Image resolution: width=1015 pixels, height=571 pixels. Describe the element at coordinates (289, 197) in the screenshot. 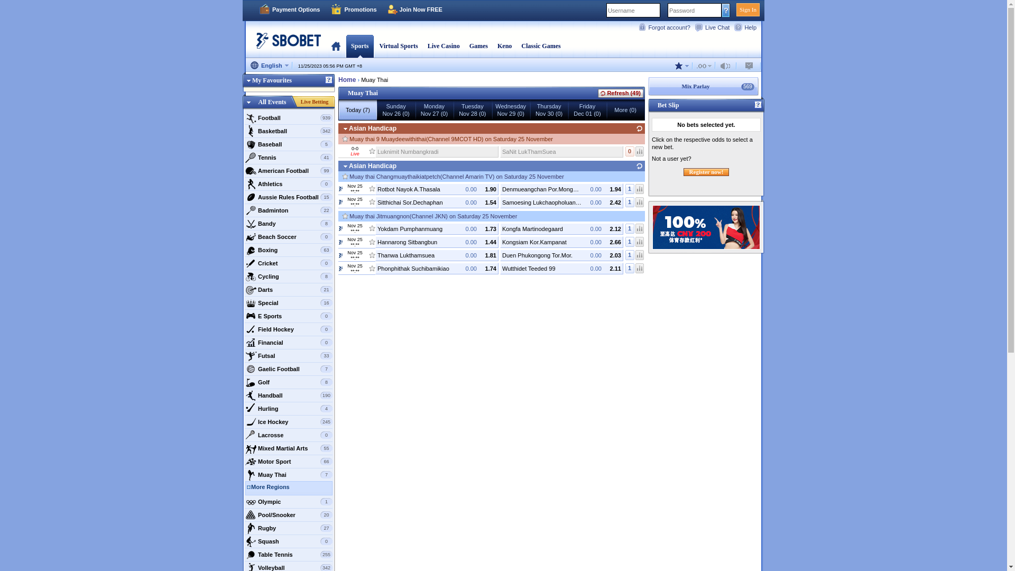

I see `'Aussie Rules Football` at that location.